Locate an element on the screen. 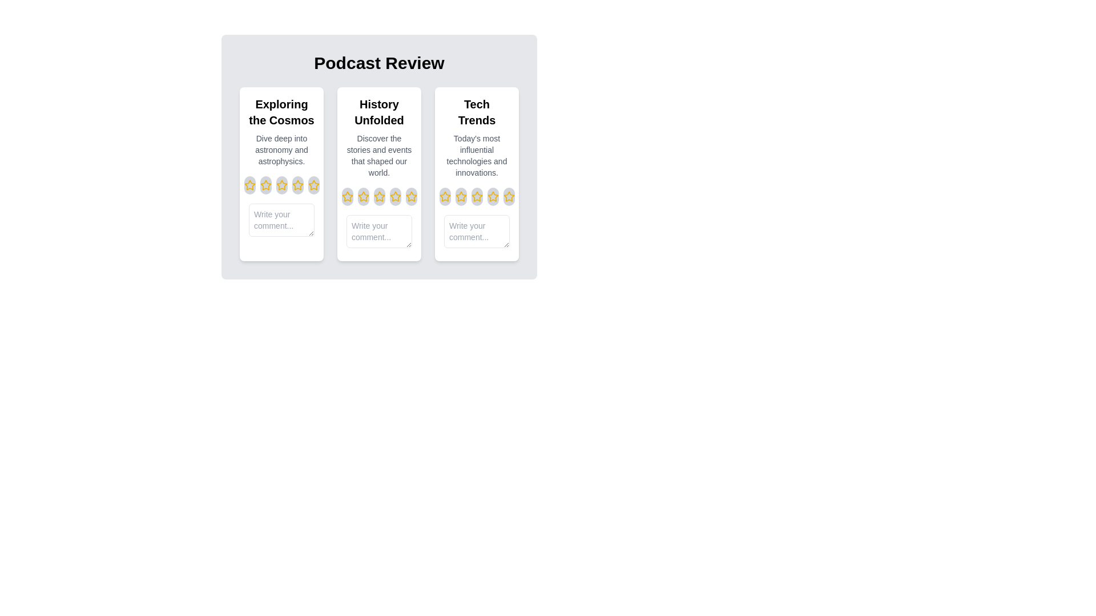 Image resolution: width=1096 pixels, height=616 pixels. the rating for an episode to 5 stars by clicking on the corresponding star is located at coordinates (313, 184).